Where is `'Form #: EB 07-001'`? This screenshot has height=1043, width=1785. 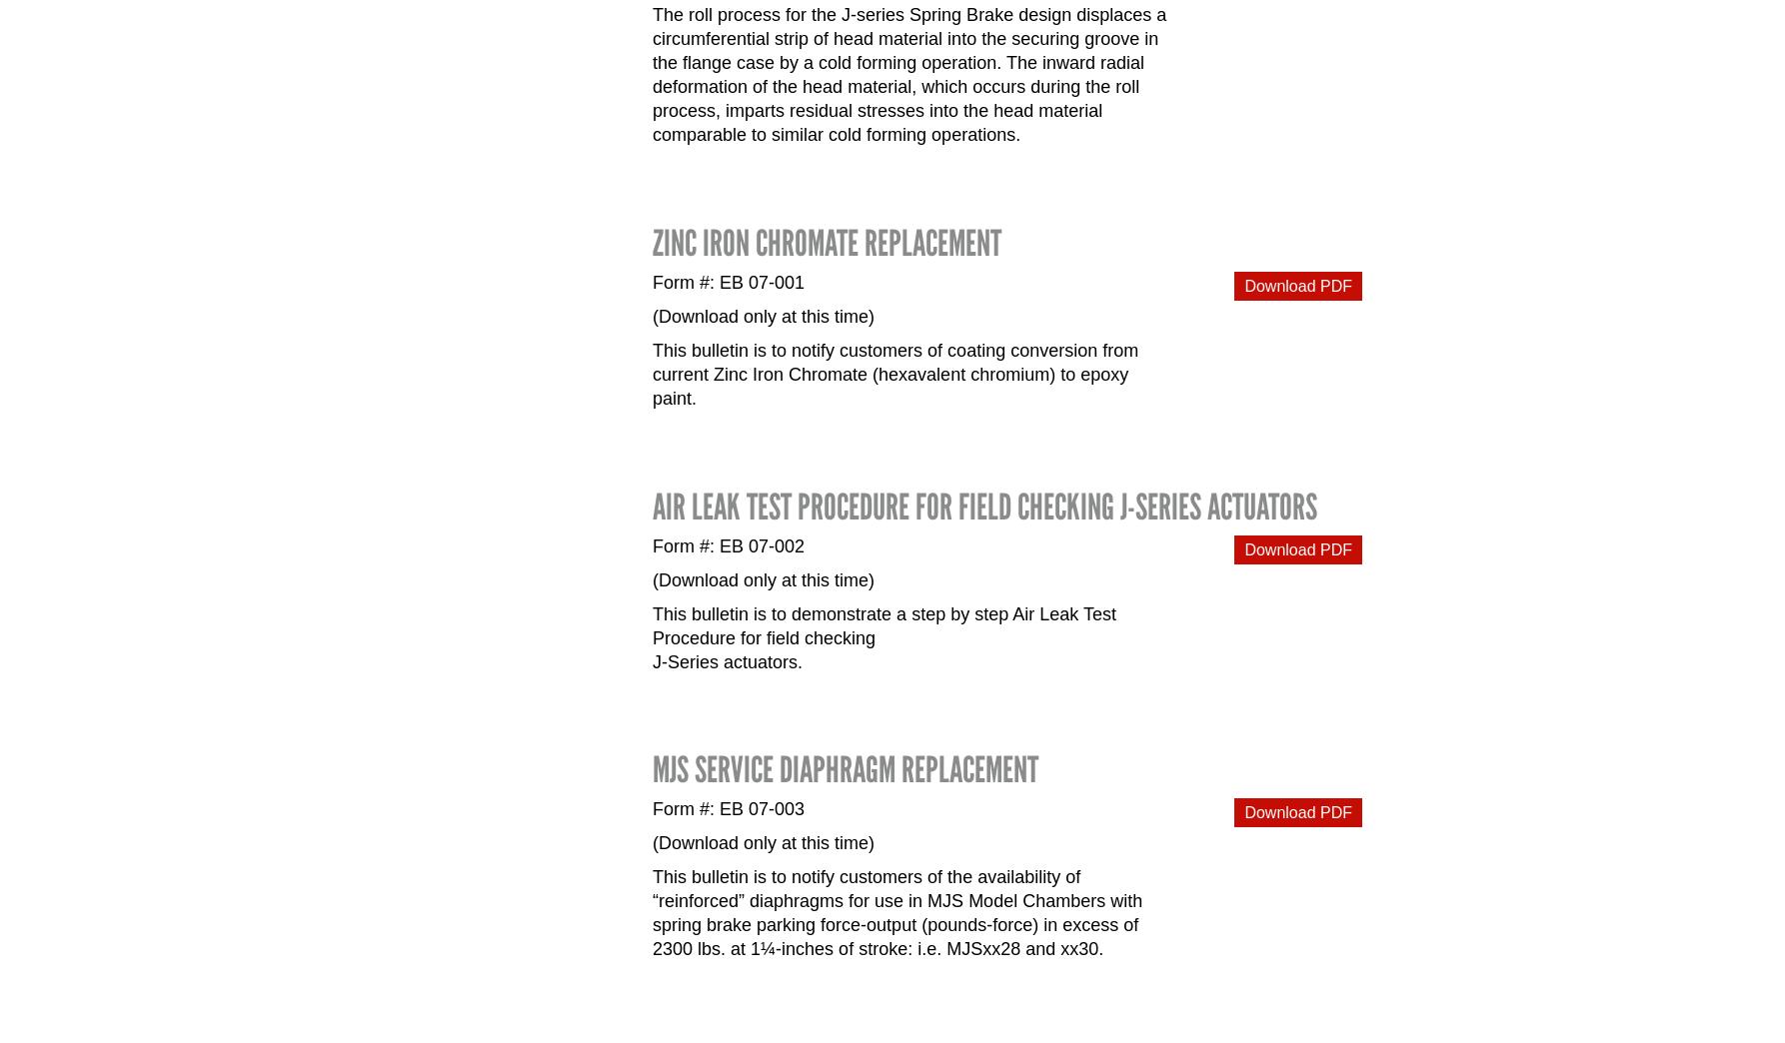 'Form #: EB 07-001' is located at coordinates (729, 280).